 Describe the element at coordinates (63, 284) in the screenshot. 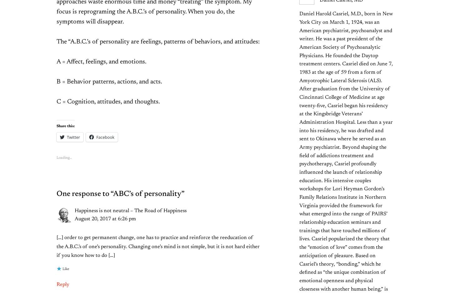

I see `'Reply'` at that location.